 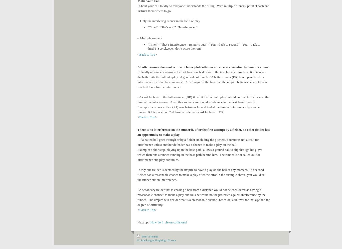 What do you see at coordinates (143, 222) in the screenshot?
I see `'Next up:'` at bounding box center [143, 222].